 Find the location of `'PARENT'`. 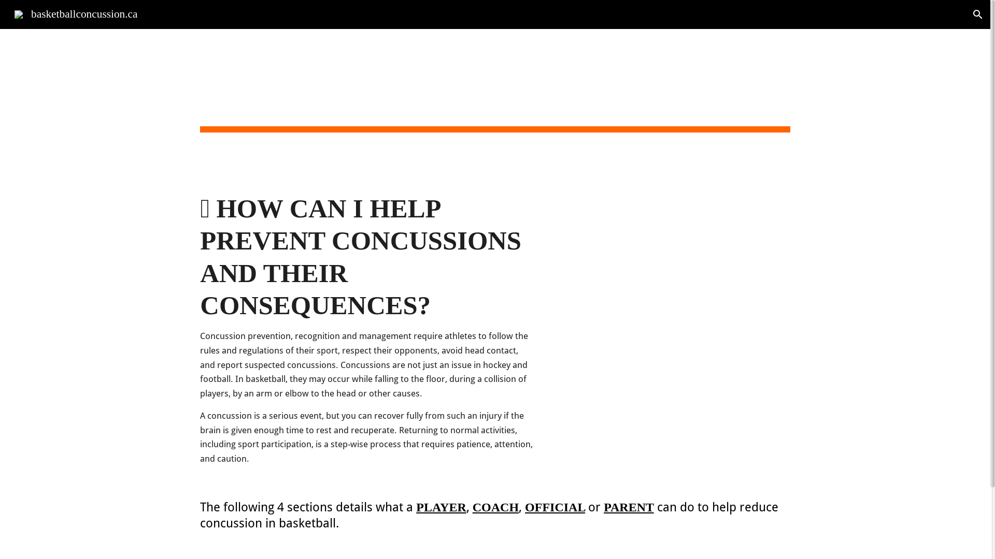

'PARENT' is located at coordinates (628, 506).